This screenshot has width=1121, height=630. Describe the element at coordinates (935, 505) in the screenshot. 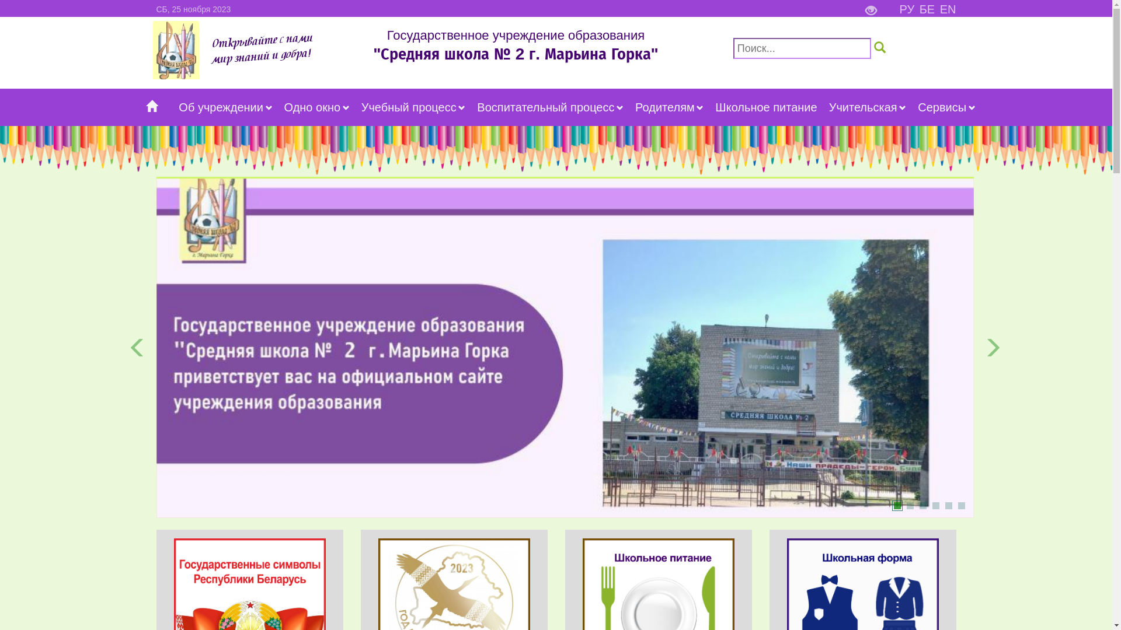

I see `'4'` at that location.